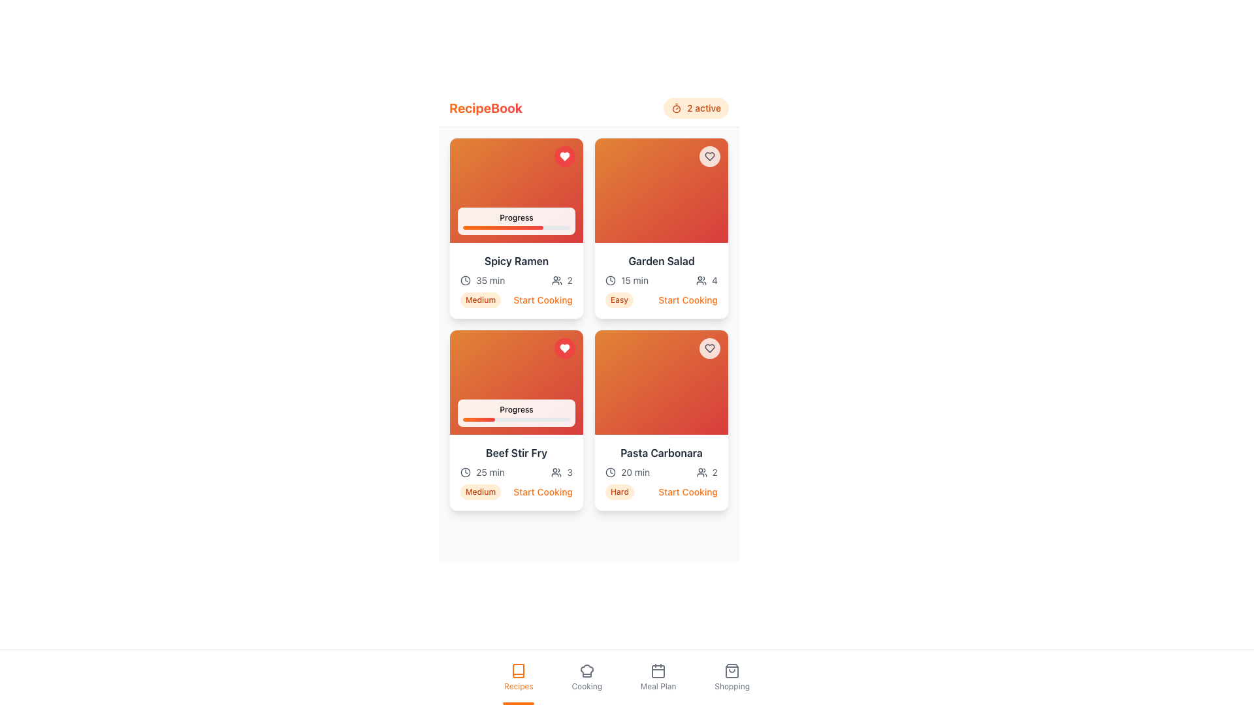 The image size is (1254, 705). I want to click on text label that displays the number of people associated with the 'Spicy Ramen' recipe, located in the bottom section of the recipe card next to the user icon, so click(562, 279).